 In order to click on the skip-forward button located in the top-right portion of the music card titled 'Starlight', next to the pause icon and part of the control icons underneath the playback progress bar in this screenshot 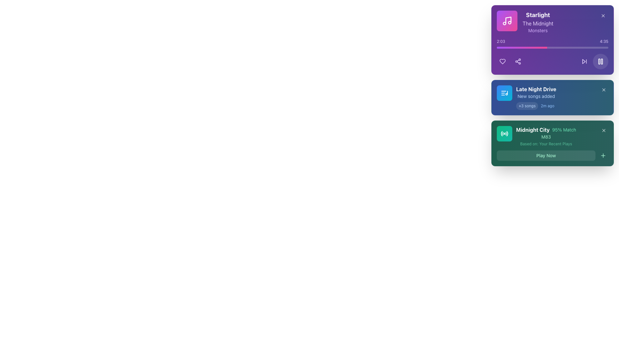, I will do `click(585, 62)`.